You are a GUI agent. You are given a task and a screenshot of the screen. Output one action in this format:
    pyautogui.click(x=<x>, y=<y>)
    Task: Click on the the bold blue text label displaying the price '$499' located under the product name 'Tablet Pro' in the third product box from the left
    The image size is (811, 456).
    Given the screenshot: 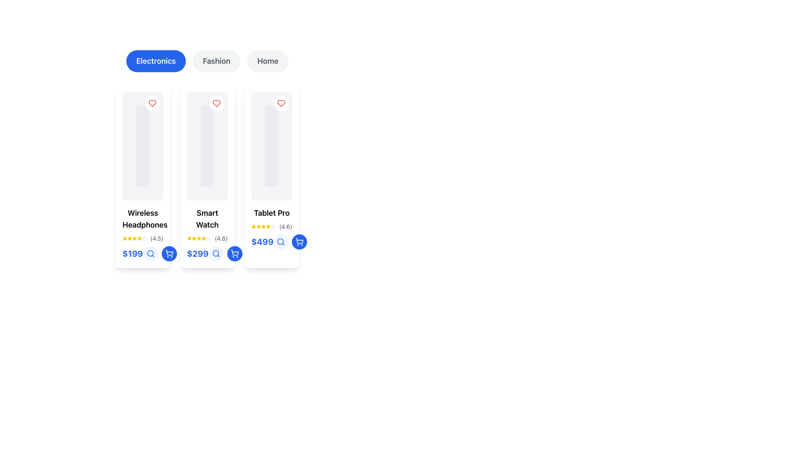 What is the action you would take?
    pyautogui.click(x=262, y=242)
    